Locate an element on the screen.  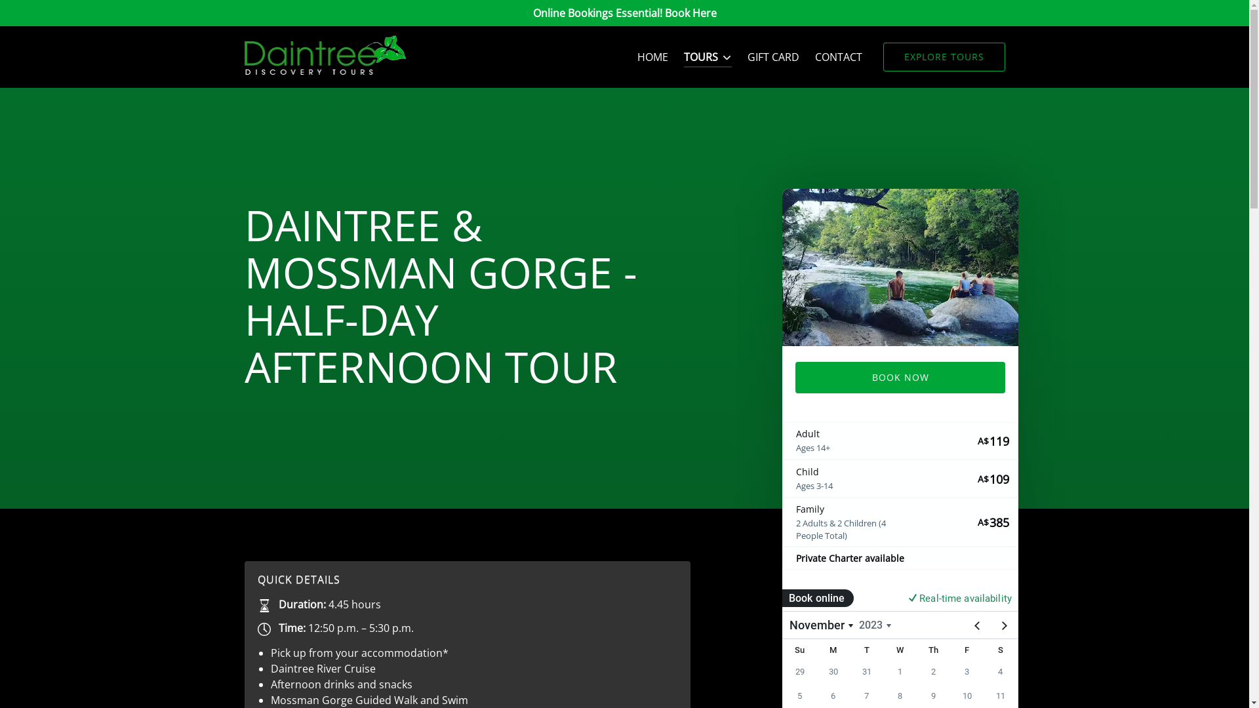
'EXPLORE TOURS' is located at coordinates (882, 56).